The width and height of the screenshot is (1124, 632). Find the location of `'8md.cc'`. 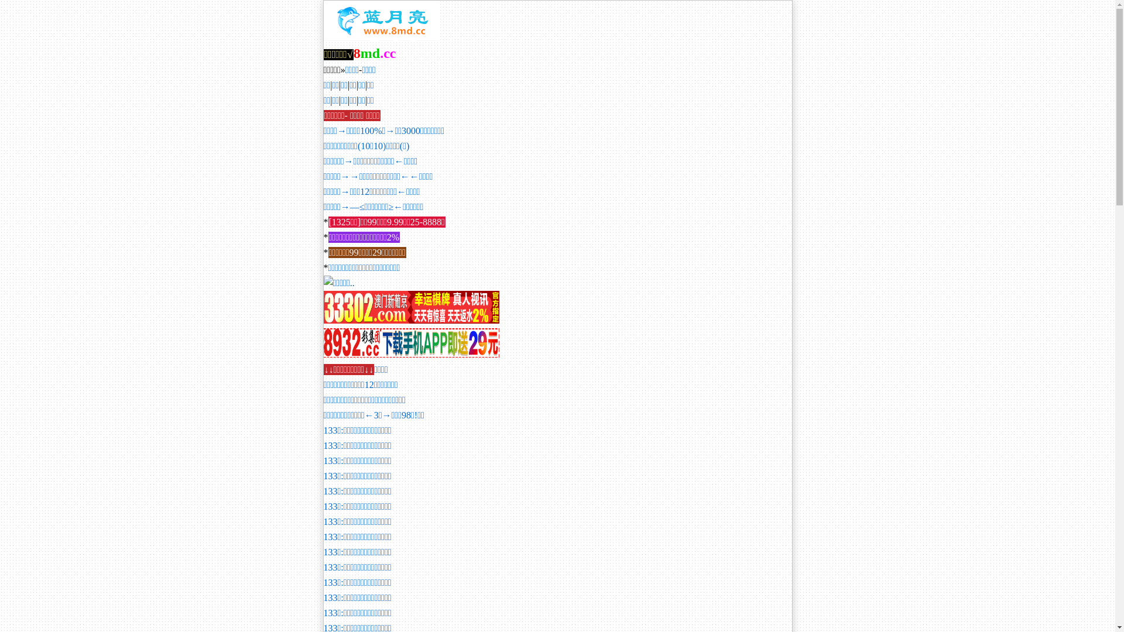

'8md.cc' is located at coordinates (375, 54).